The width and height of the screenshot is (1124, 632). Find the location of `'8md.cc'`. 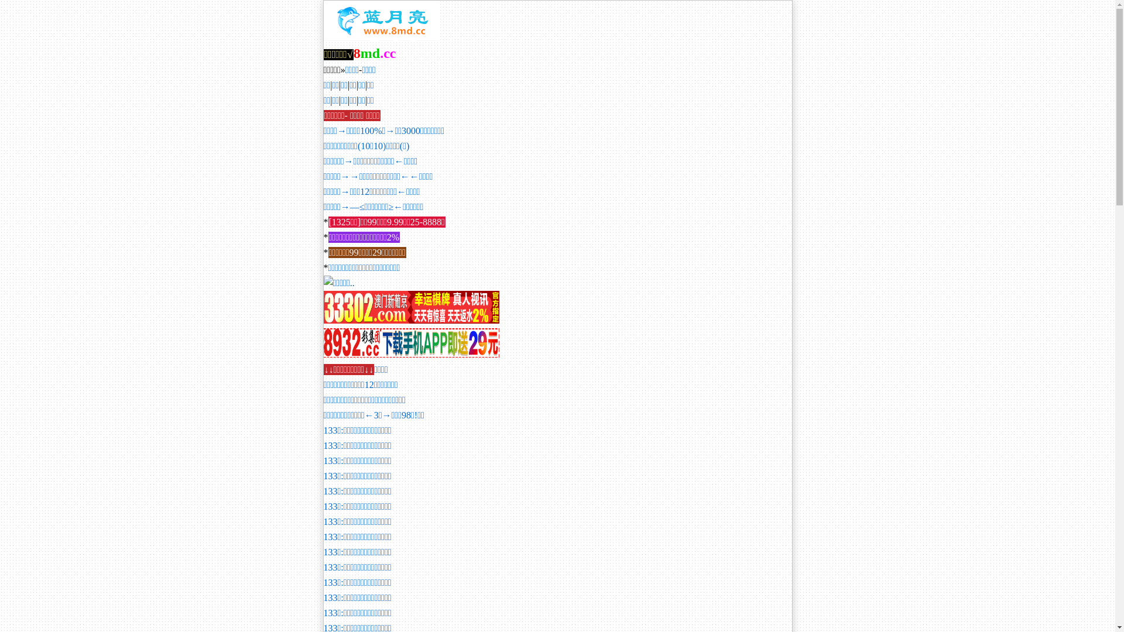

'8md.cc' is located at coordinates (375, 54).